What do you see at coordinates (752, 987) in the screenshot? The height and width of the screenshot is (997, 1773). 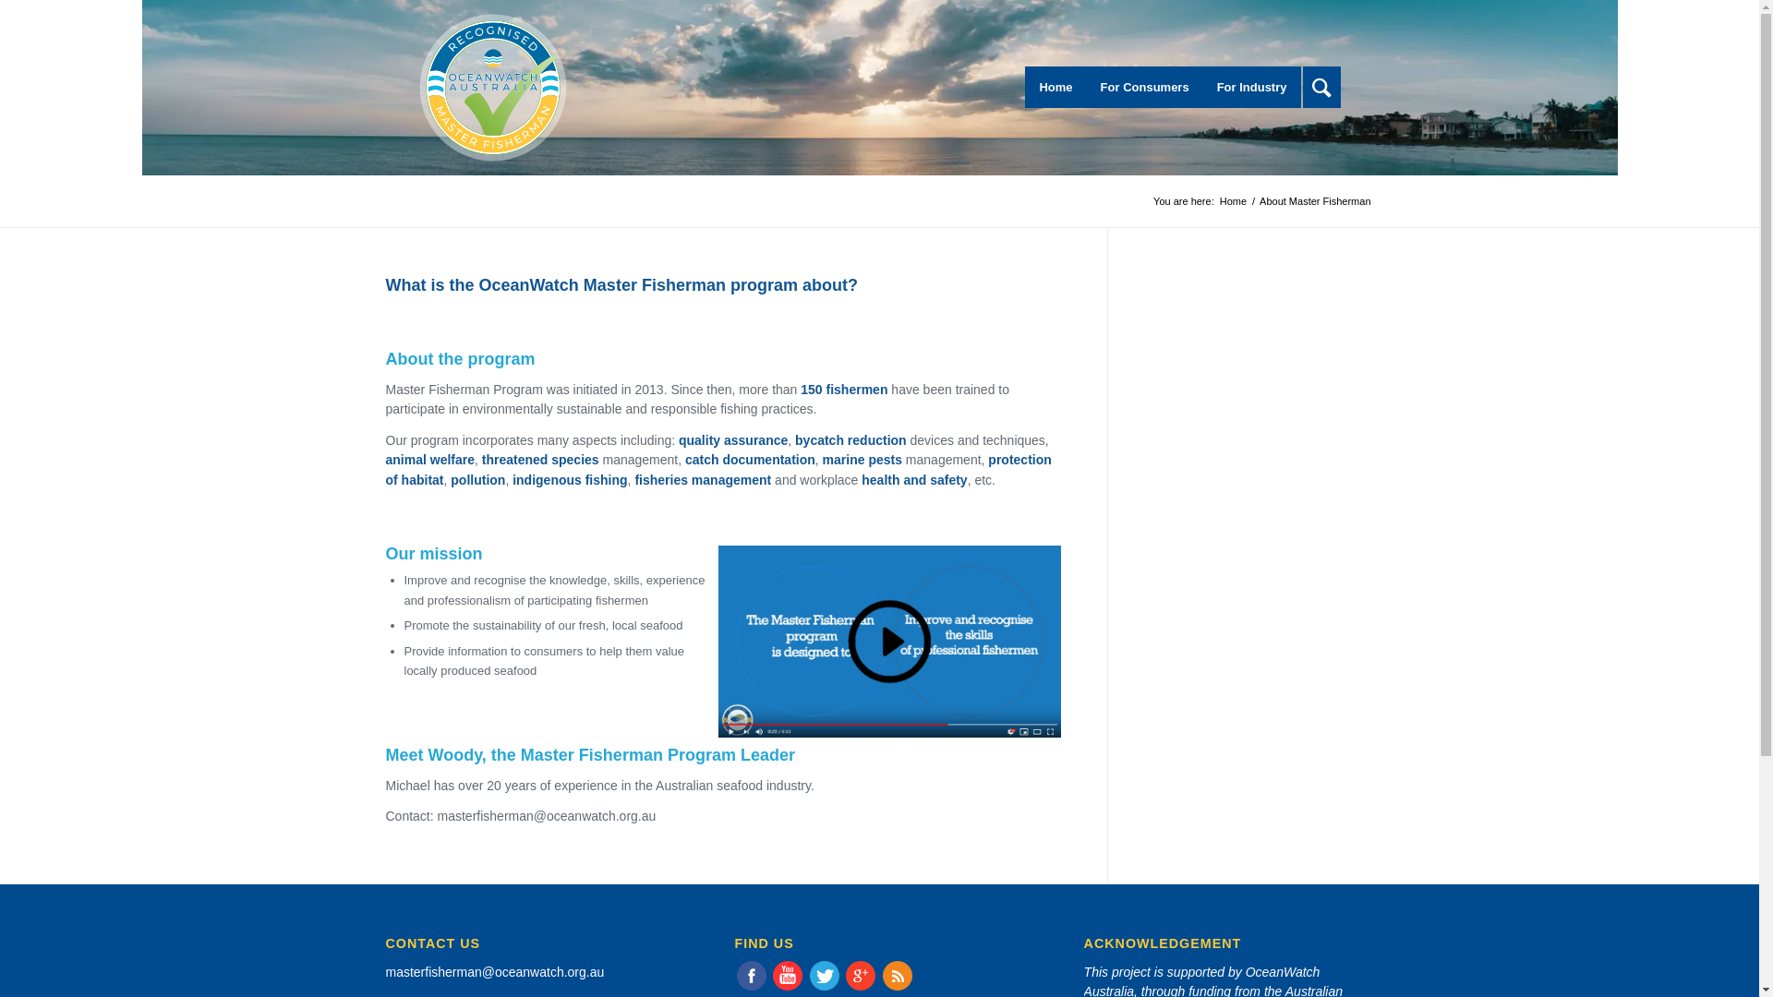 I see `'Faebook '` at bounding box center [752, 987].